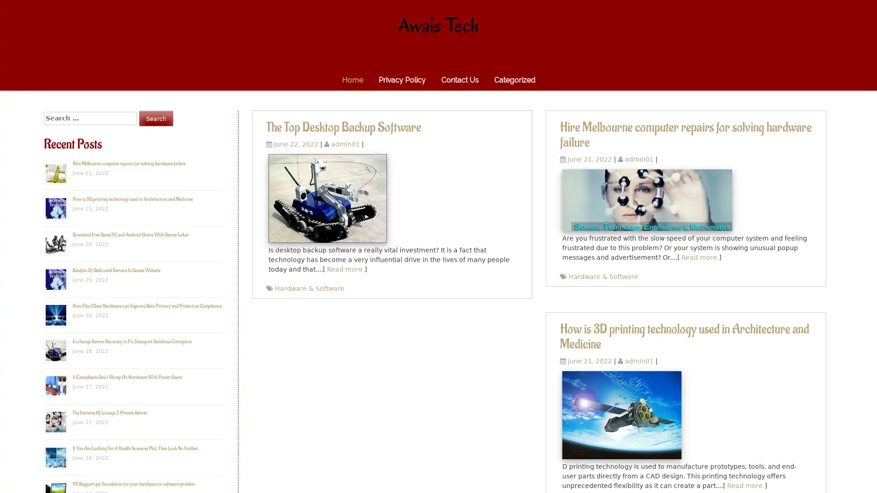 This screenshot has height=493, width=877. I want to click on Search, so click(156, 118).